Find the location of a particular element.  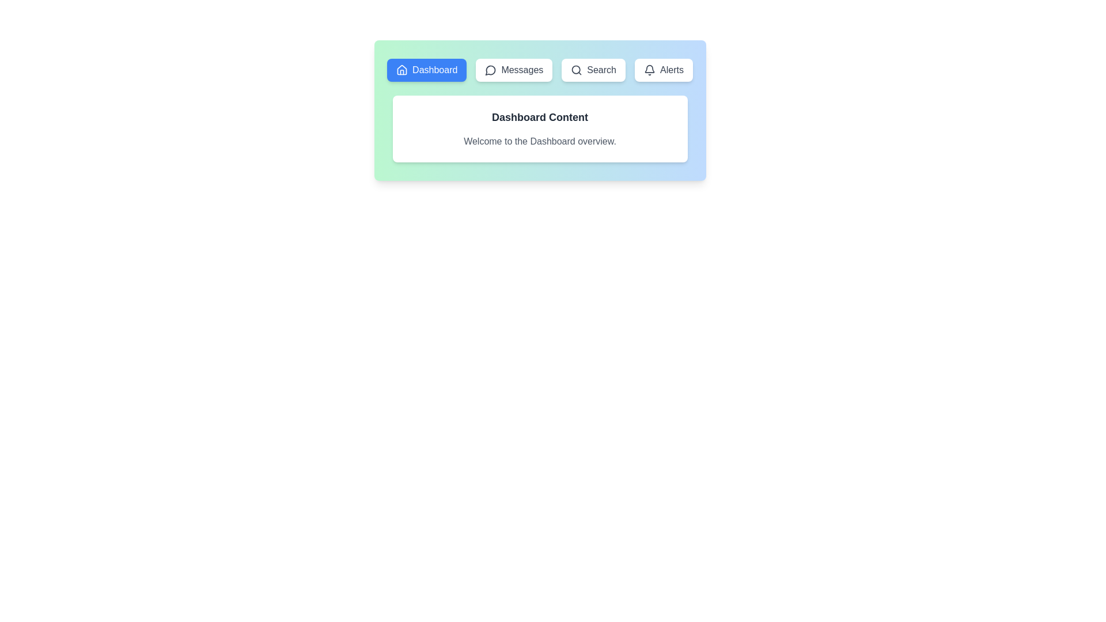

the tab labeled Messages to view its content is located at coordinates (513, 70).